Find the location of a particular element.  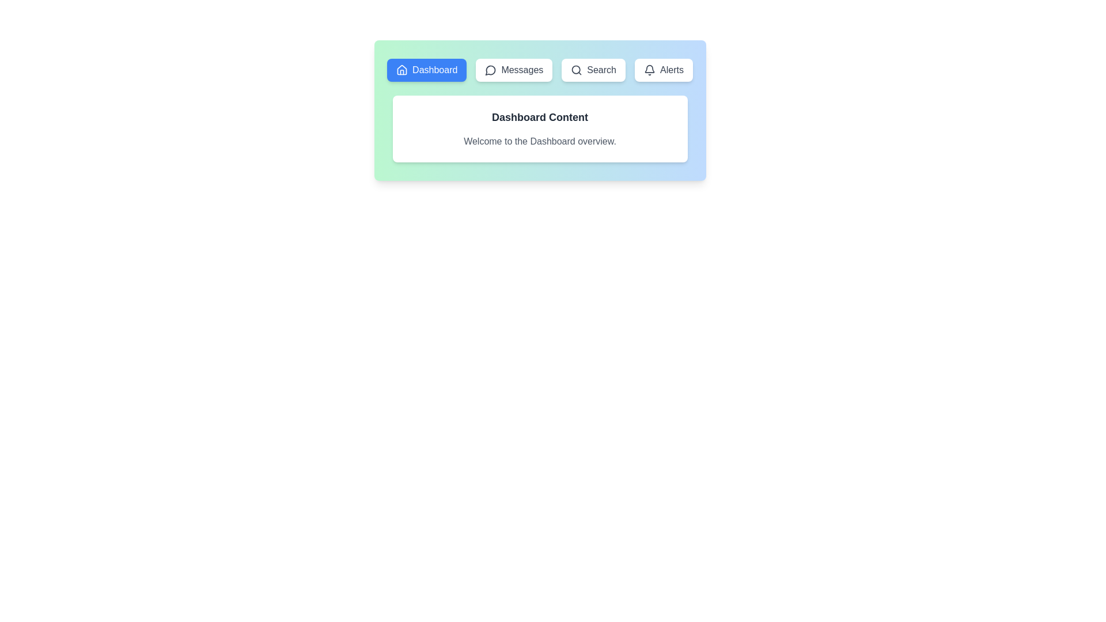

the tab labeled Messages to view its content is located at coordinates (513, 70).